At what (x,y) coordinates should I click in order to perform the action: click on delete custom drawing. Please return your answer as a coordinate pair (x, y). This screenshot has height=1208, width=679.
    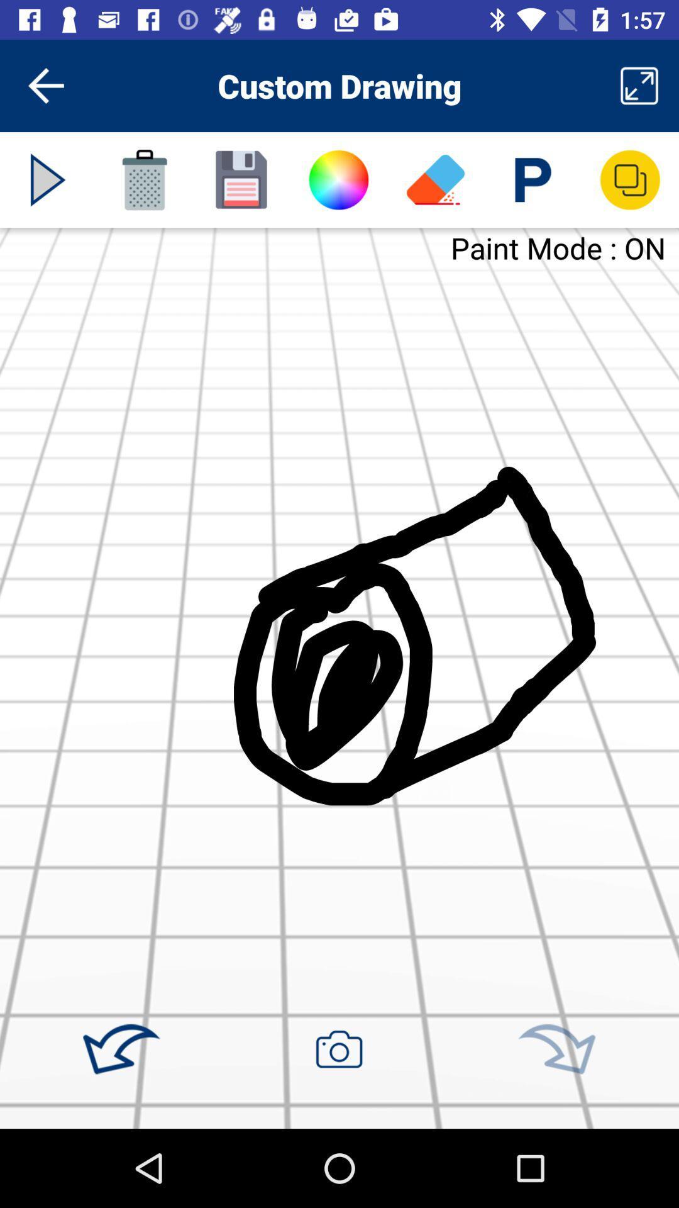
    Looking at the image, I should click on (144, 179).